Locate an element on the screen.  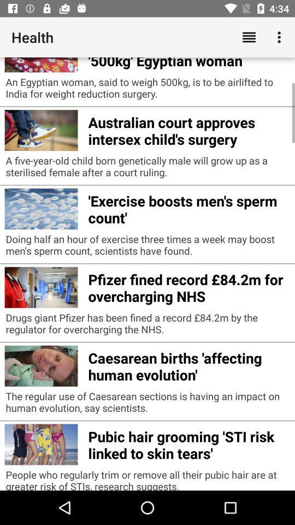
the doing half an app is located at coordinates (147, 248).